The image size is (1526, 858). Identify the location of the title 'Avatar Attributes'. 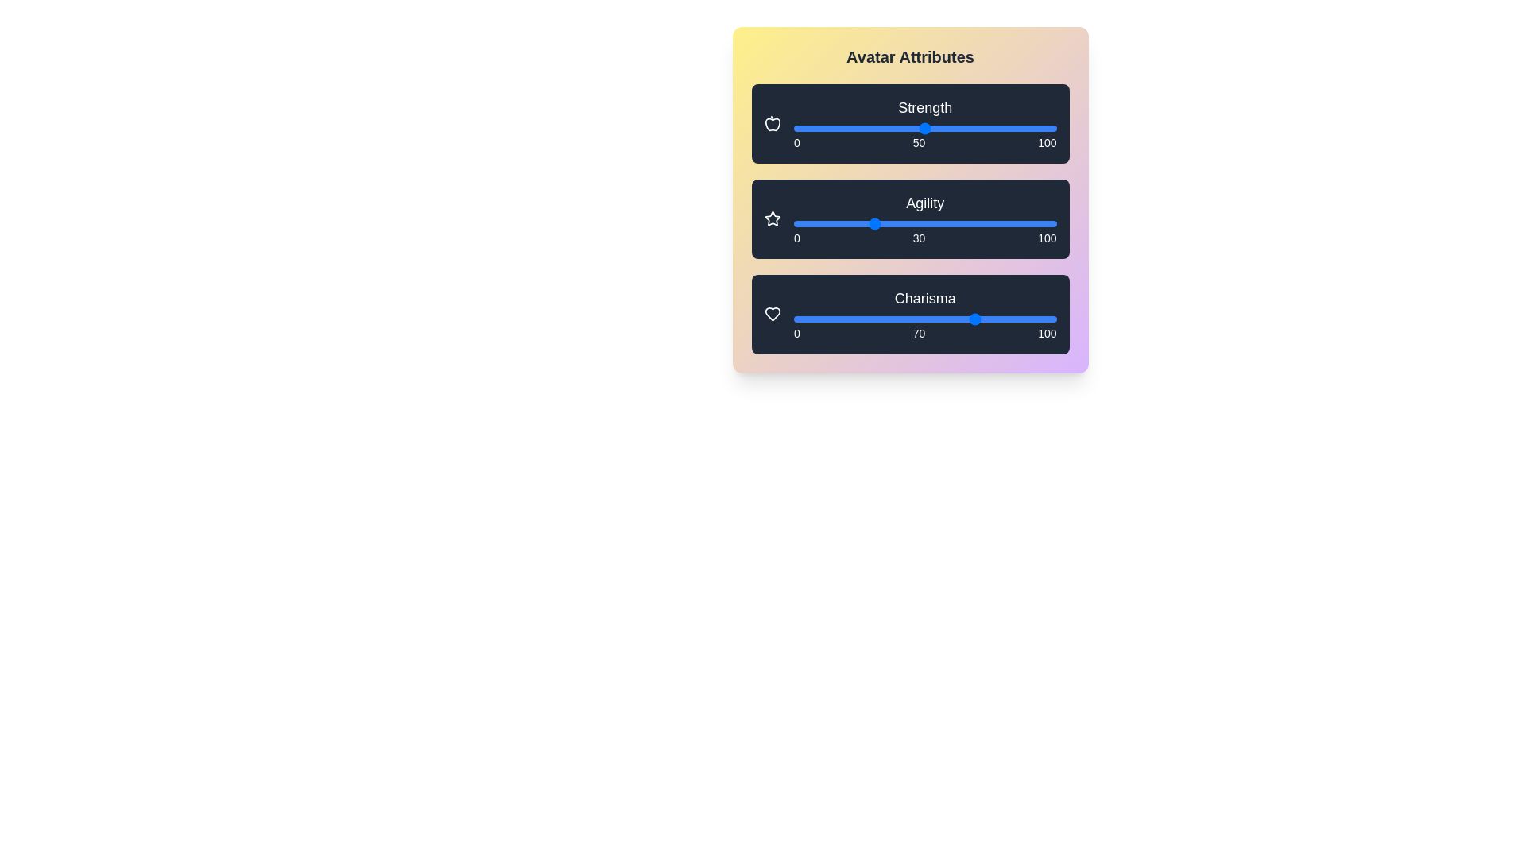
(910, 56).